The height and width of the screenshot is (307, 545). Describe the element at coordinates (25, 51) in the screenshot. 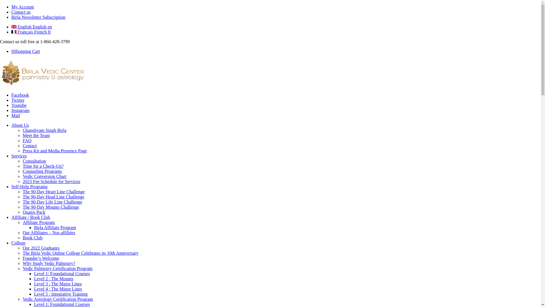

I see `'0Shopping Cart'` at that location.